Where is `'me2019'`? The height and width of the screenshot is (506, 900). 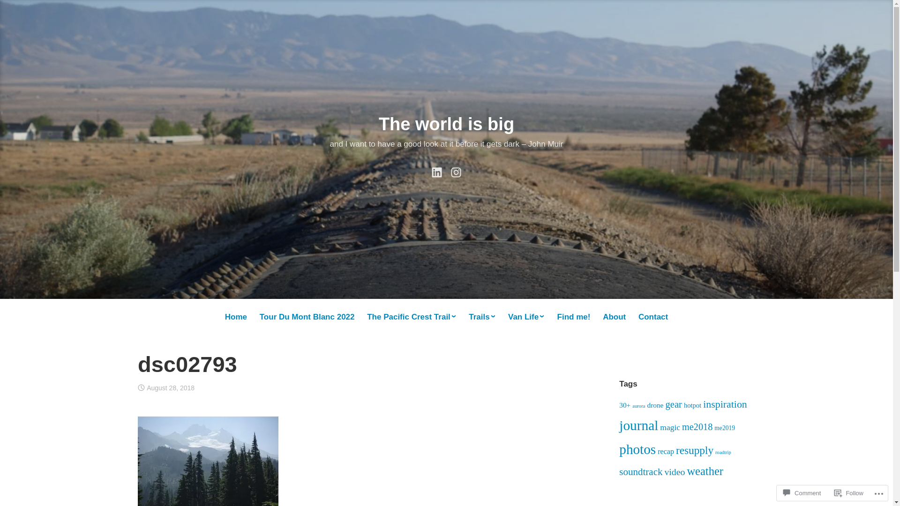
'me2019' is located at coordinates (724, 428).